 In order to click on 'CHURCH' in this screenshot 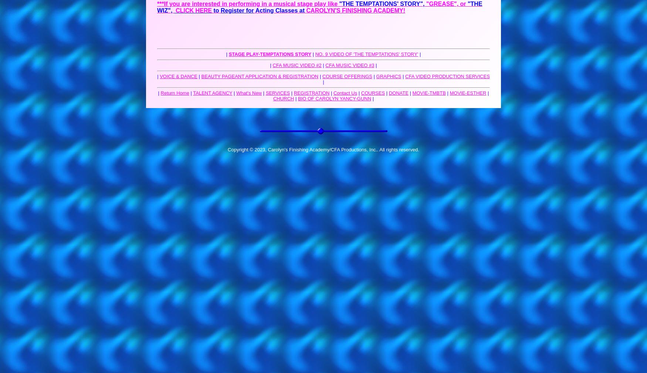, I will do `click(283, 98)`.